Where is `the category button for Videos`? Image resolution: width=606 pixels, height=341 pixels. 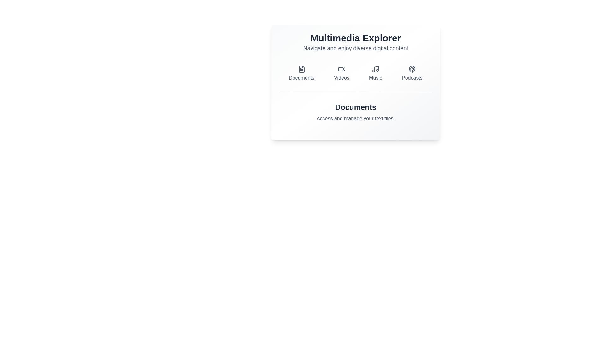
the category button for Videos is located at coordinates (341, 73).